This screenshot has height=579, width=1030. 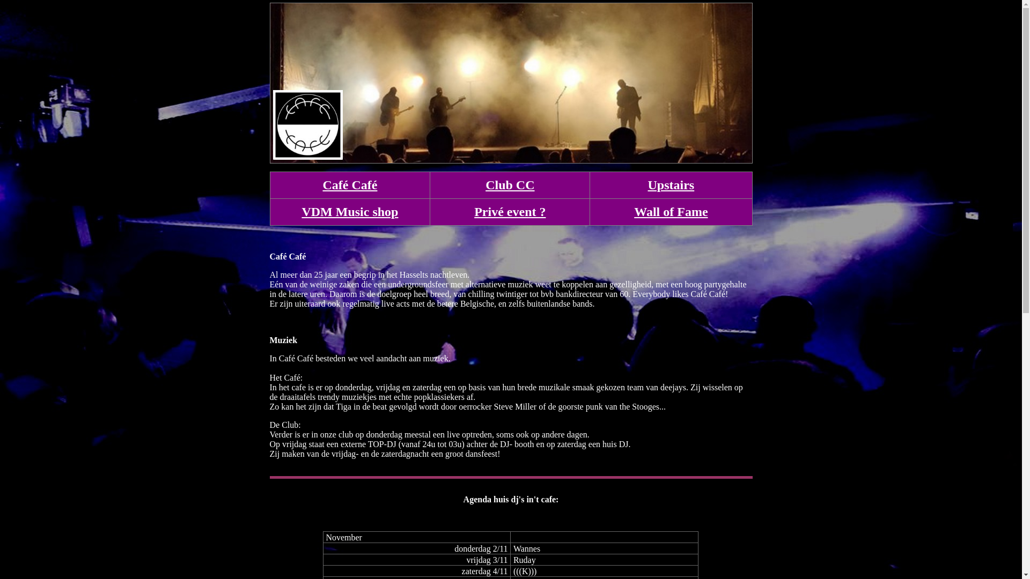 What do you see at coordinates (671, 184) in the screenshot?
I see `'Upstairs'` at bounding box center [671, 184].